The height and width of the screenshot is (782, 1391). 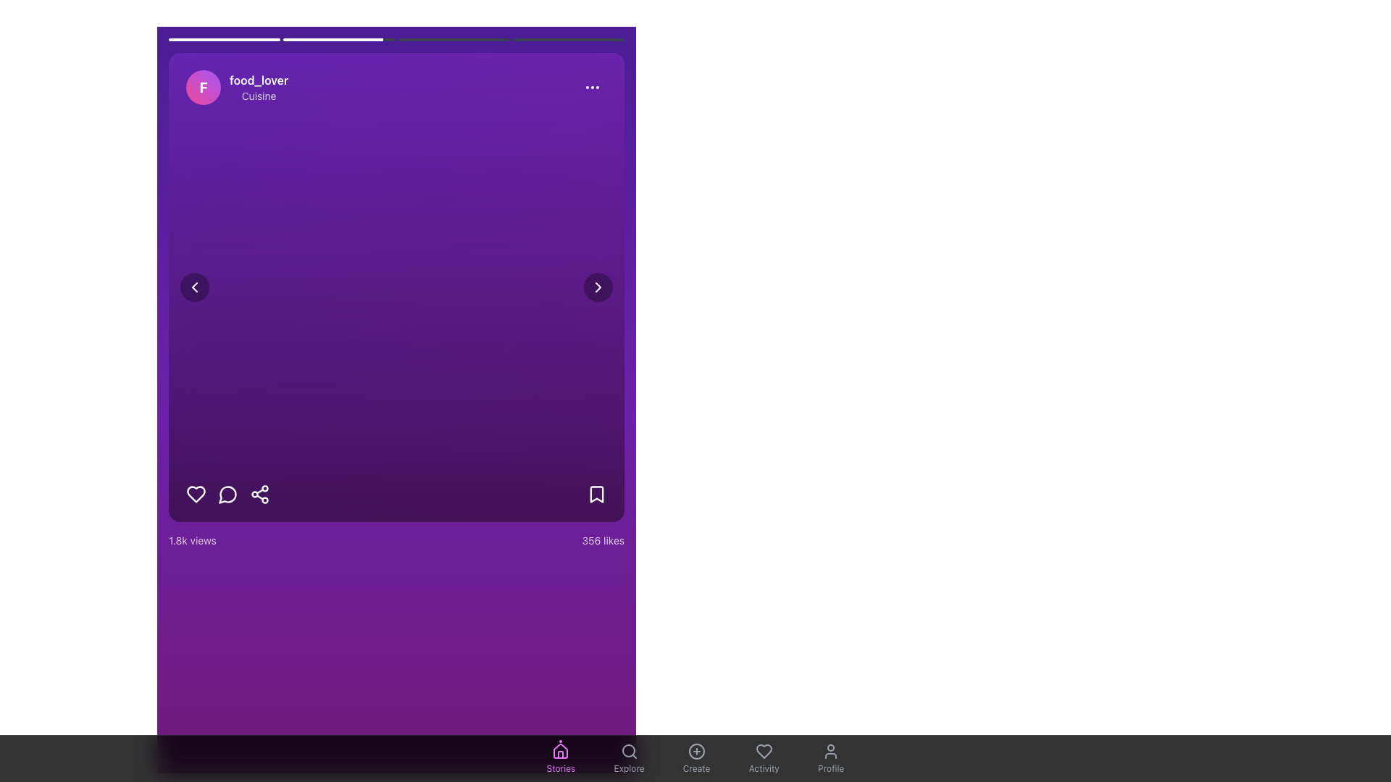 I want to click on the Profile display element containing the avatar, 'T' character, and text 'travel_explorer' and 'Adventure' for rearrangement, so click(x=249, y=87).